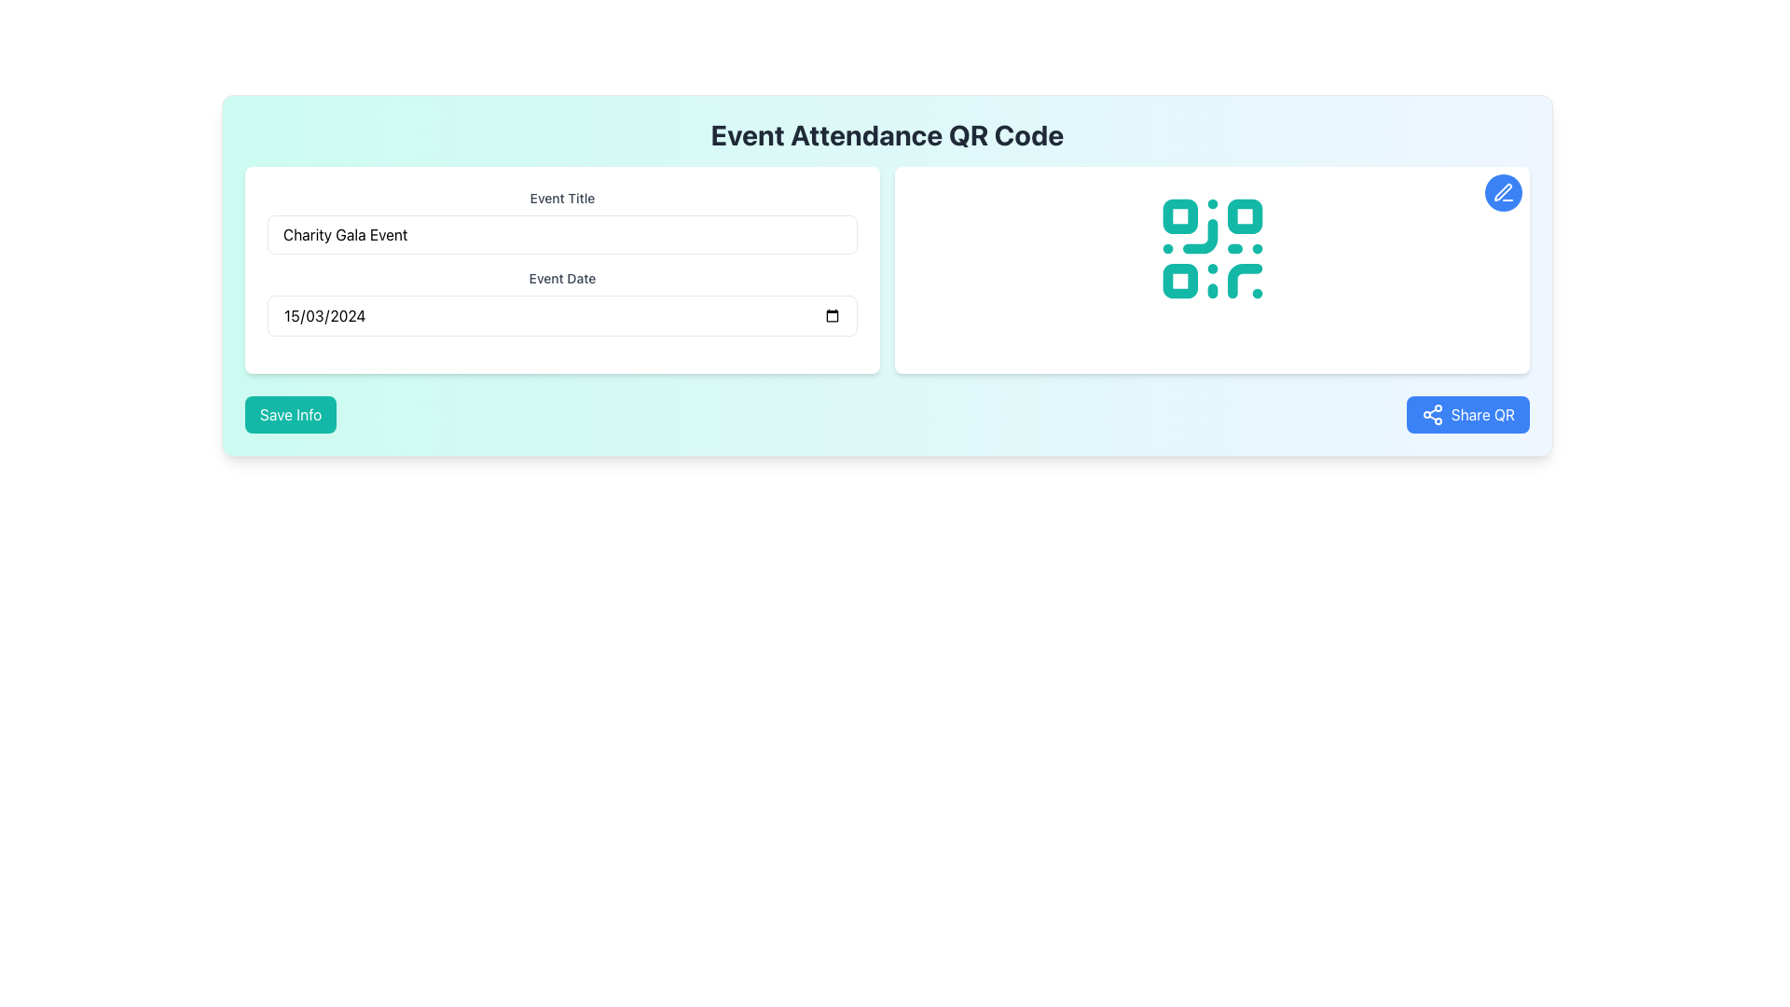  Describe the element at coordinates (561, 198) in the screenshot. I see `the text label reading 'Event Title', which is a medium-sized gray font located above the input box for 'Charity Gala Event'` at that location.